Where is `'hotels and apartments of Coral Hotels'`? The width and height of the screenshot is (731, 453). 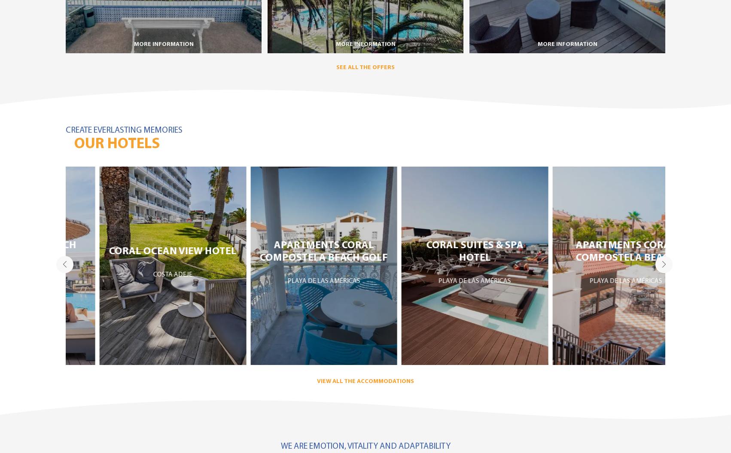 'hotels and apartments of Coral Hotels' is located at coordinates (589, 301).